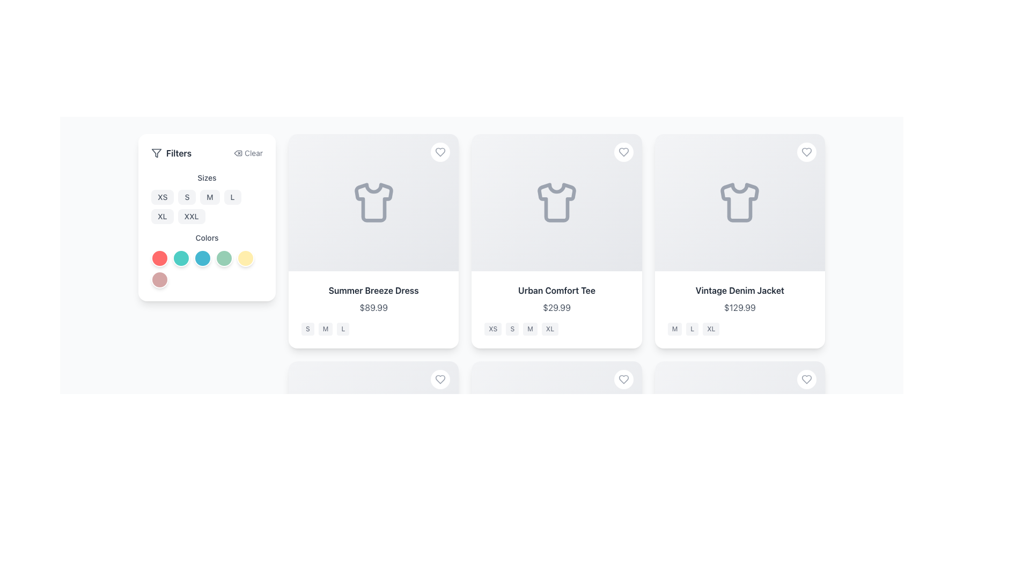 The height and width of the screenshot is (579, 1030). What do you see at coordinates (623, 152) in the screenshot?
I see `the heart icon located at the top-right corner of the 'Urban Comfort Tee' product card to mark it as a favorite` at bounding box center [623, 152].